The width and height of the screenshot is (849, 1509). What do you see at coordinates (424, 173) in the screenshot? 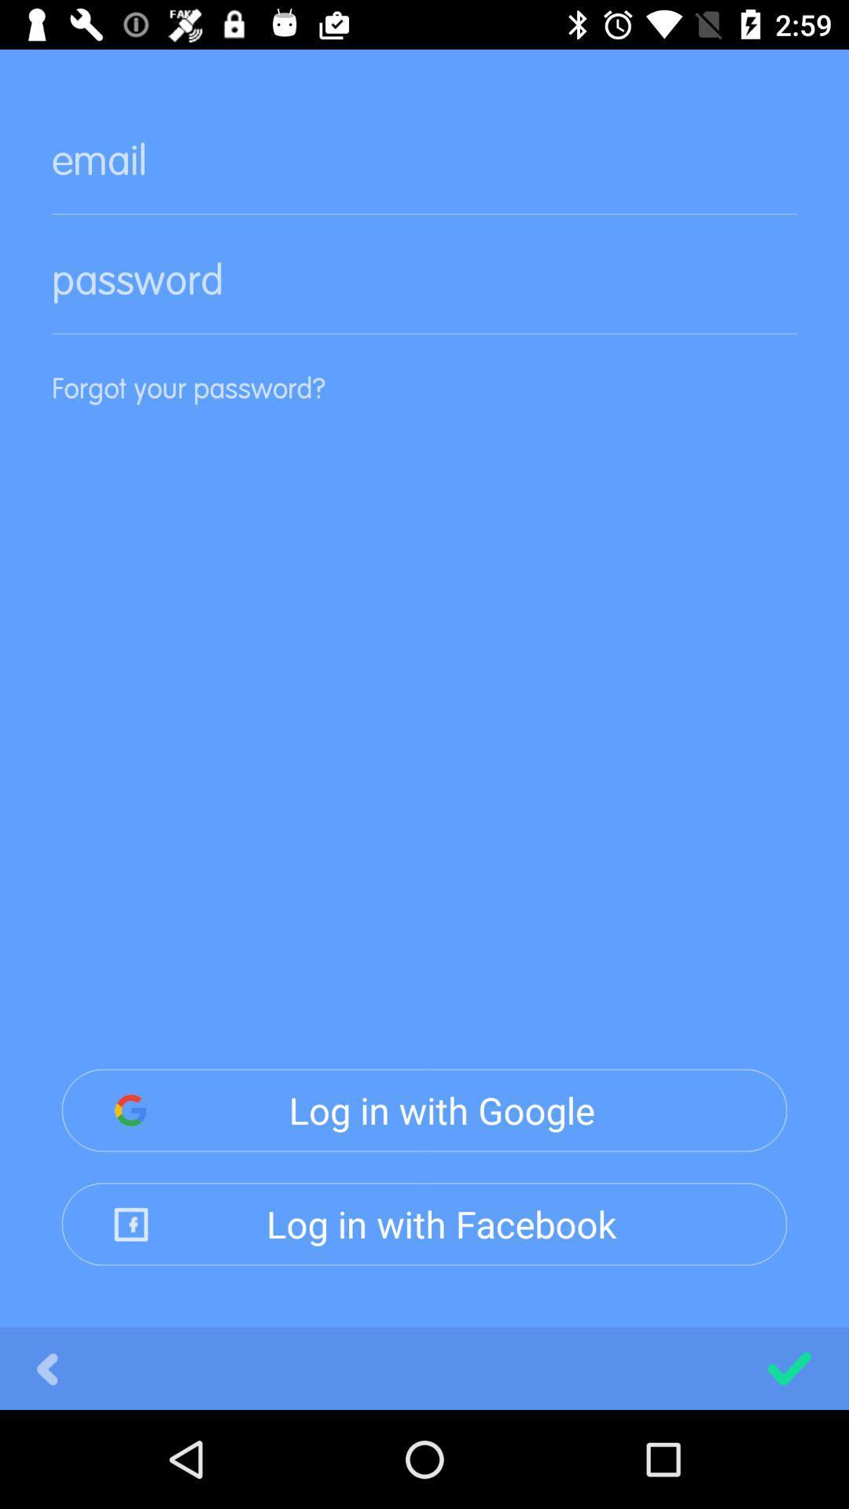
I see `email here` at bounding box center [424, 173].